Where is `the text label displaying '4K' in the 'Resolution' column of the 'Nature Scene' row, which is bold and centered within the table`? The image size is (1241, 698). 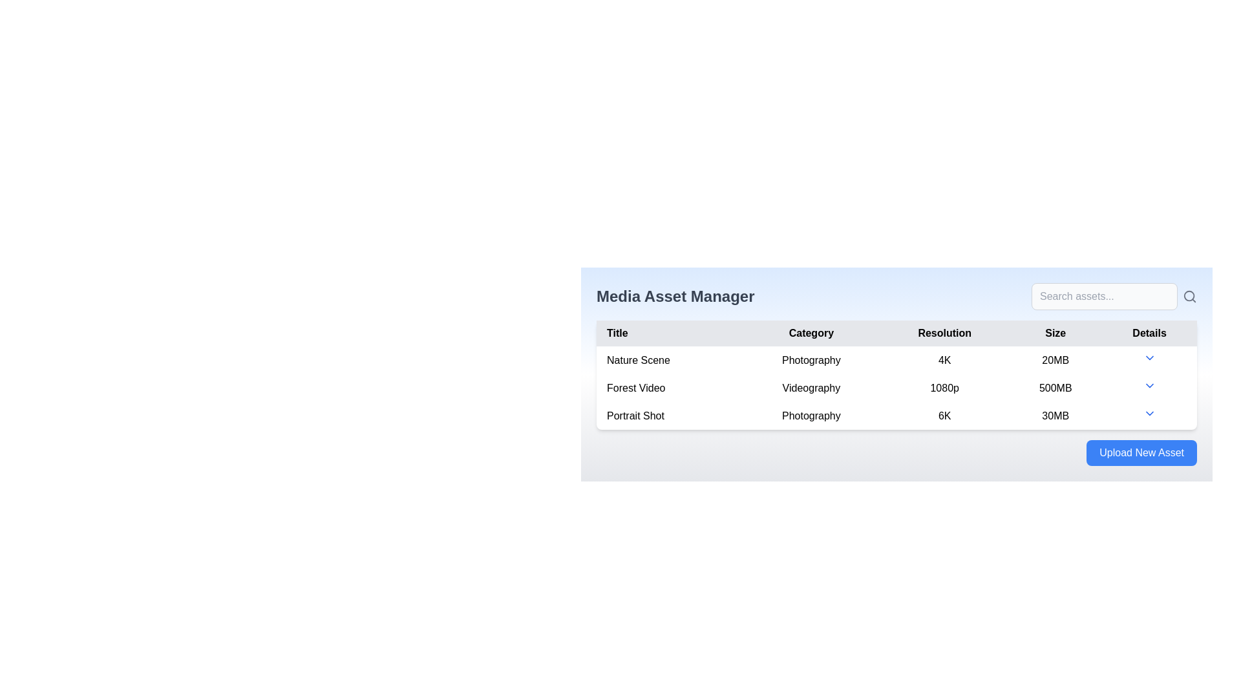 the text label displaying '4K' in the 'Resolution' column of the 'Nature Scene' row, which is bold and centered within the table is located at coordinates (944, 360).